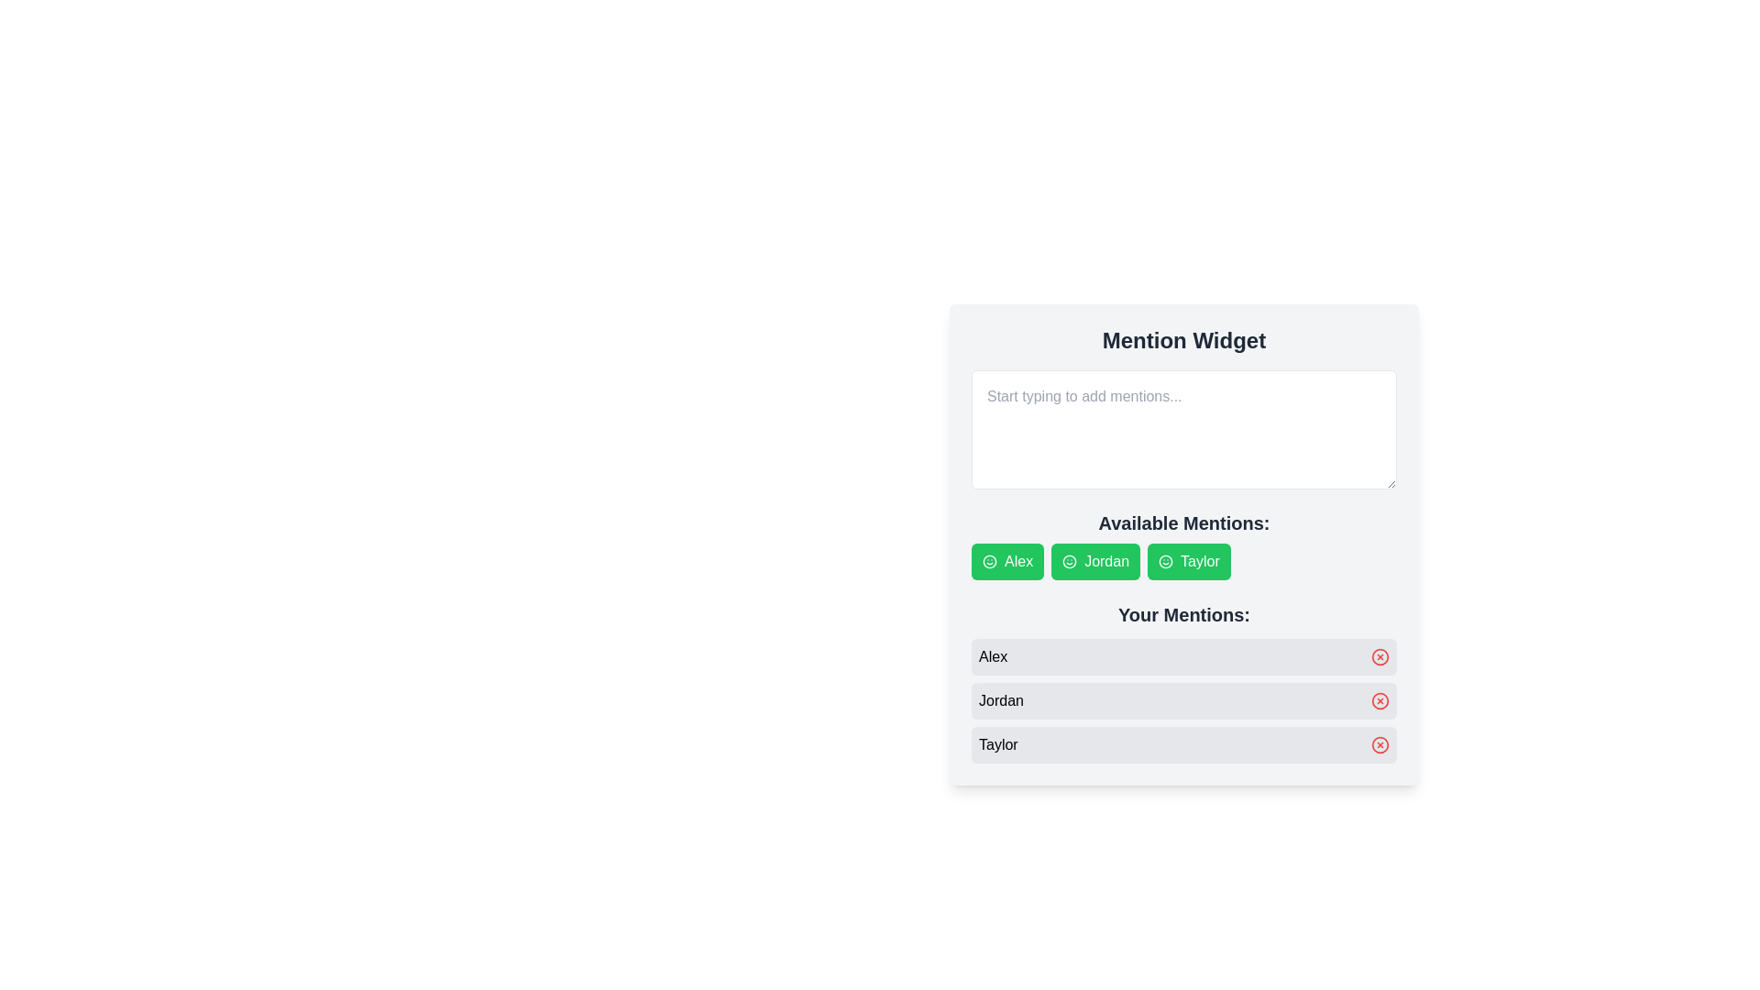 The width and height of the screenshot is (1760, 990). I want to click on the 'remove' button associated with the user entry labeled 'Jordan' in the 'Your Mentions' list, so click(1380, 700).